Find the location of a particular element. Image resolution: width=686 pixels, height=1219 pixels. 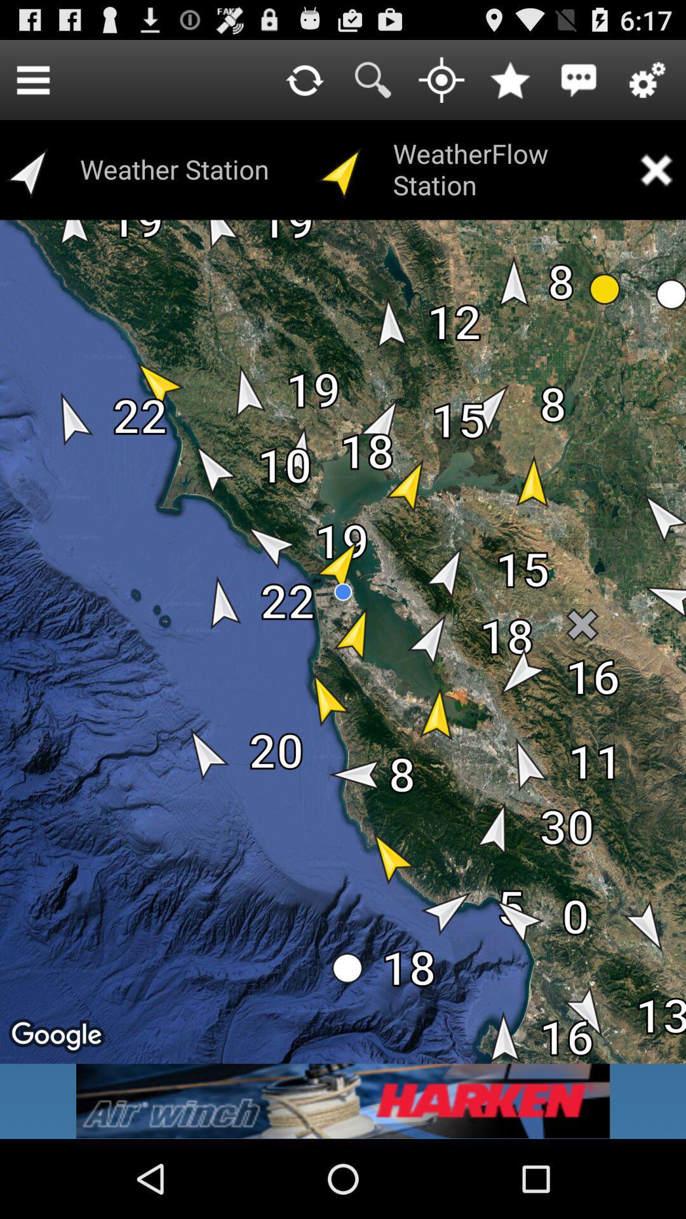

icon next to the weatherflow station app is located at coordinates (656, 169).